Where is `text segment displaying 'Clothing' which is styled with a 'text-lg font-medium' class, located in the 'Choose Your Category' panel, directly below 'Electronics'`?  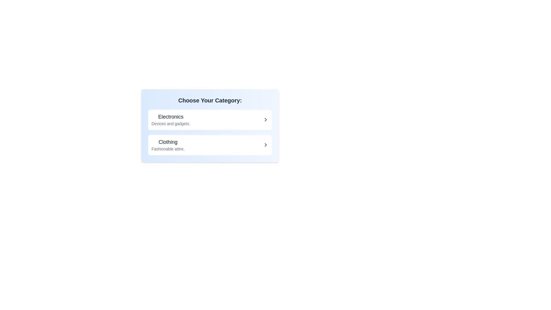
text segment displaying 'Clothing' which is styled with a 'text-lg font-medium' class, located in the 'Choose Your Category' panel, directly below 'Electronics' is located at coordinates (168, 142).